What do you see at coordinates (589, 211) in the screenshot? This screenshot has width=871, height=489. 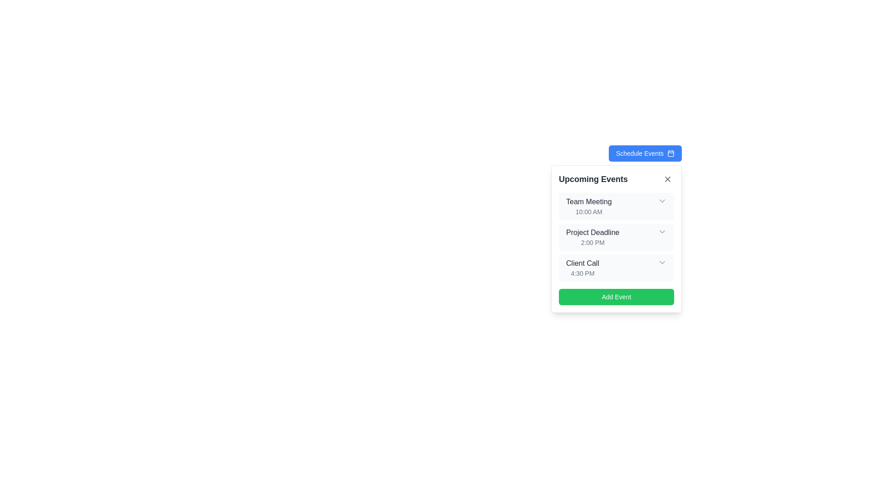 I see `the Text Label displaying the scheduled time for the 'Team Meeting' event located in the right panel under 'Upcoming Events.'` at bounding box center [589, 211].